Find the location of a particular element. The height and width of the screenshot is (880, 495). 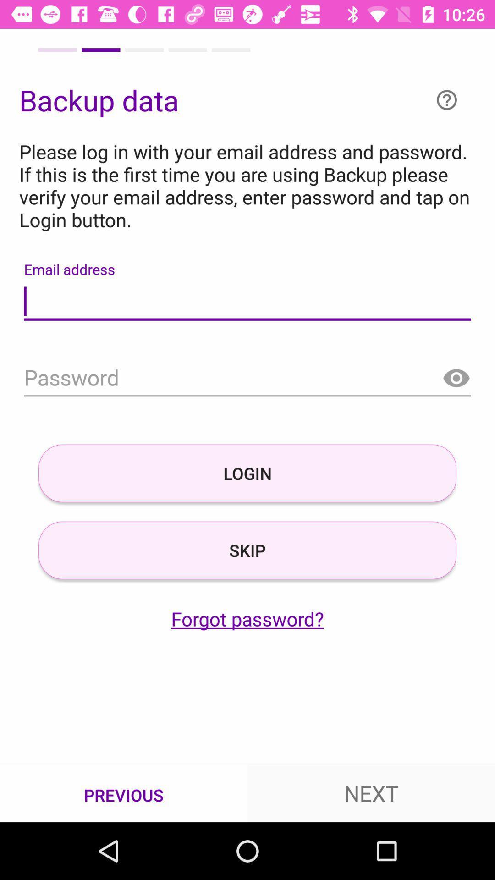

button to start inputting password is located at coordinates (247, 379).